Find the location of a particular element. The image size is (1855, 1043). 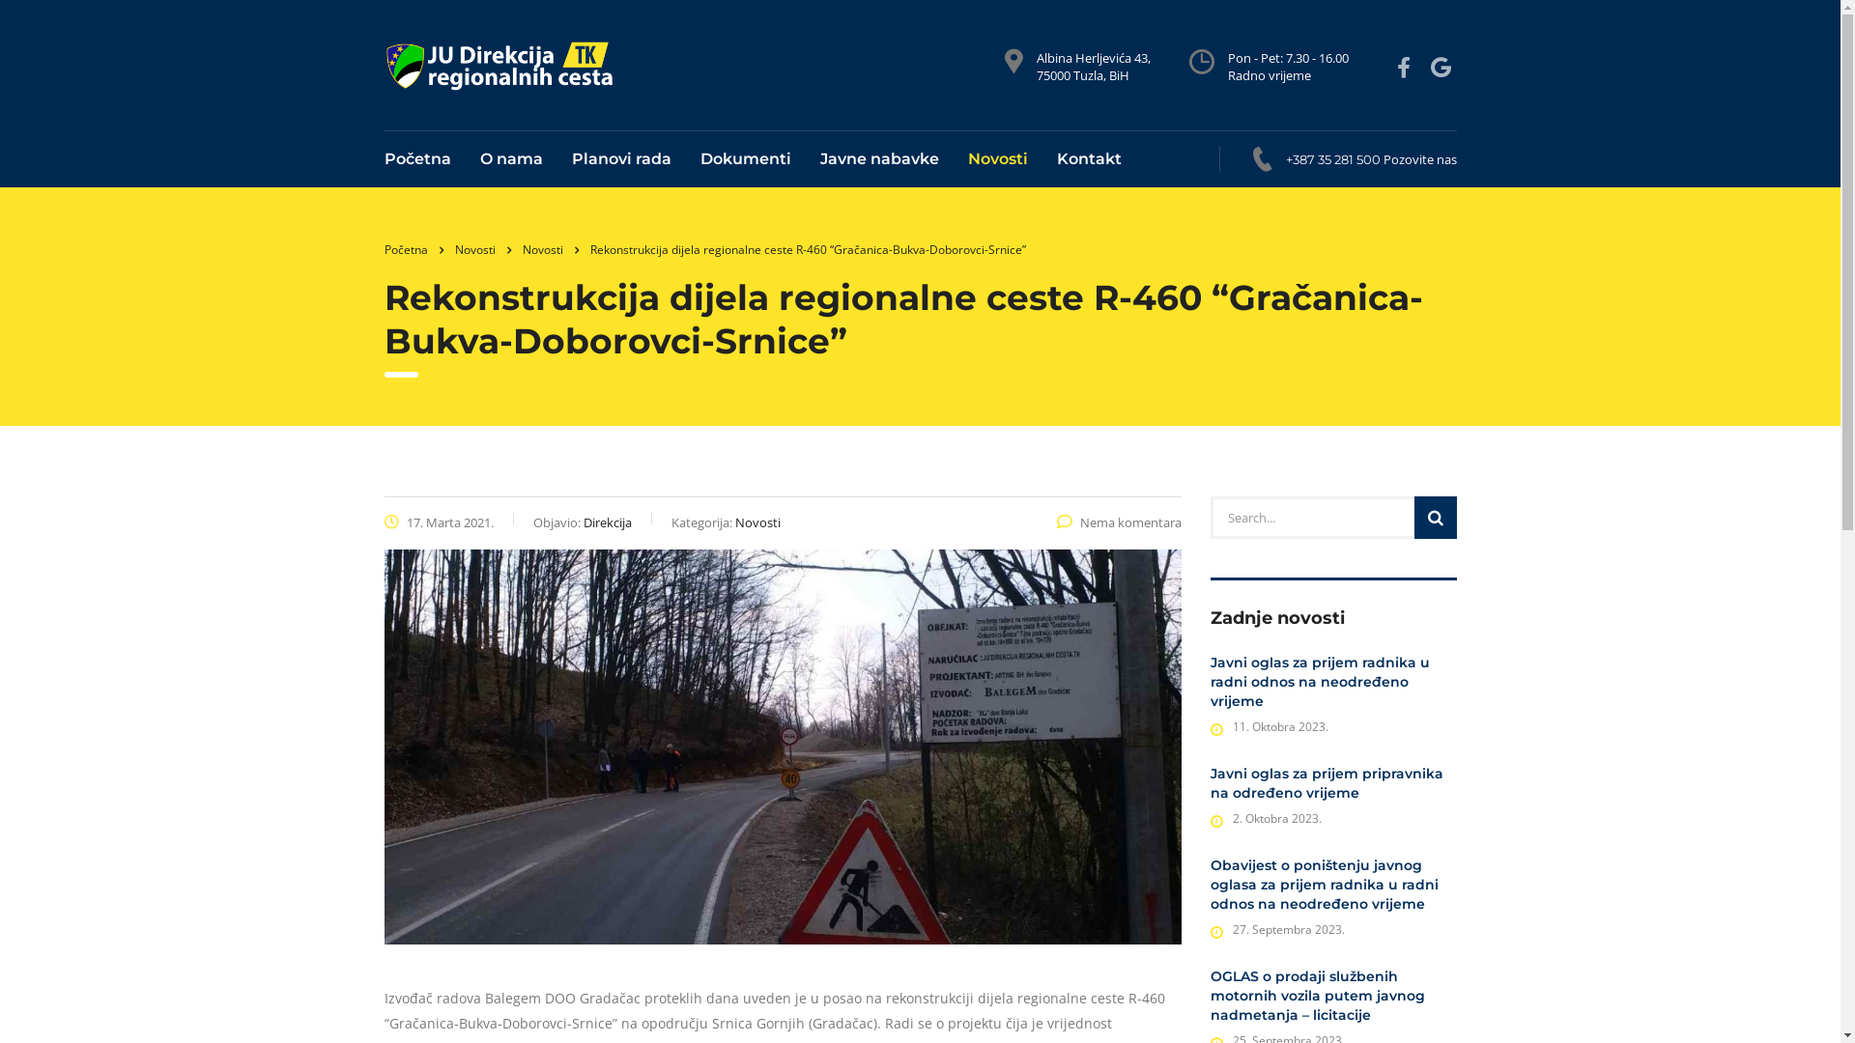

'Kontakt' is located at coordinates (1079, 158).